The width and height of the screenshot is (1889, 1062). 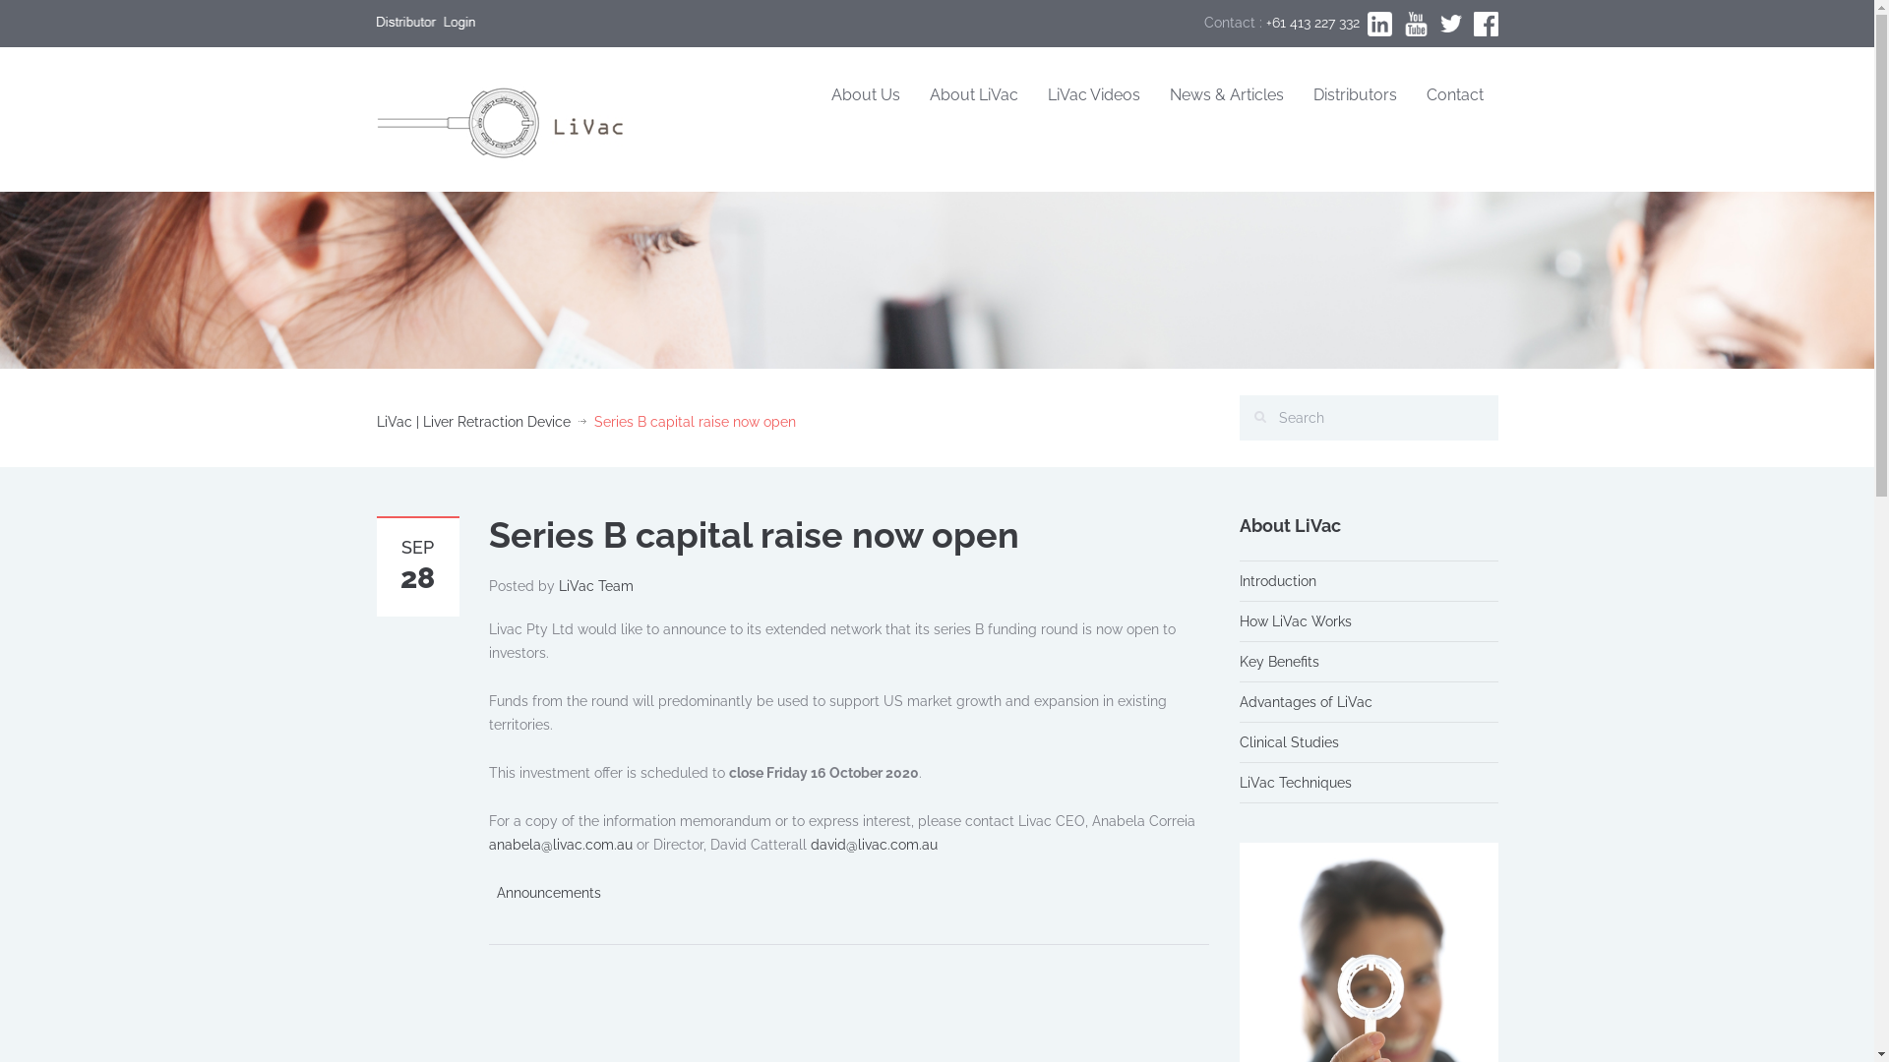 I want to click on 'LiVac Videos', so click(x=1093, y=95).